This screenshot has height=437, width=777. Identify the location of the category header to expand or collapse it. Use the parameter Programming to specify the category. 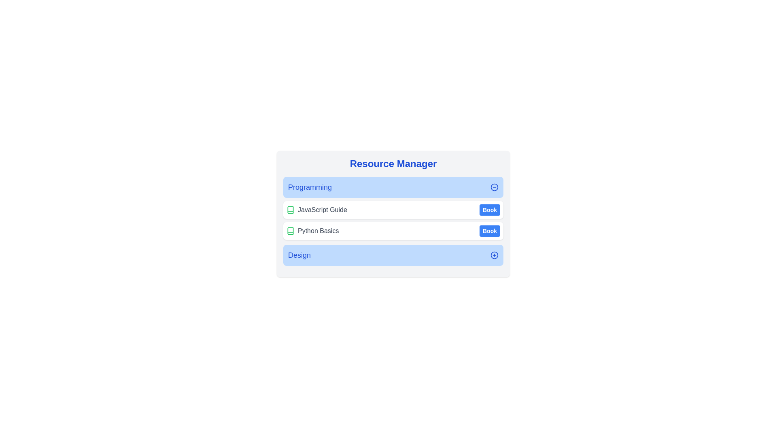
(393, 187).